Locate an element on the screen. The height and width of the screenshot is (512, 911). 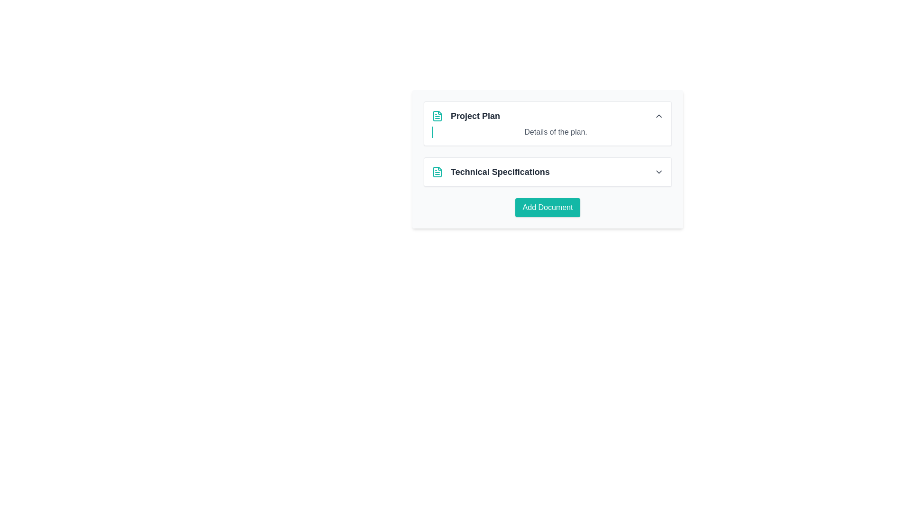
the button located at the center of the card below the 'Project Plan' and 'Technical Specifications' sections is located at coordinates (548, 207).